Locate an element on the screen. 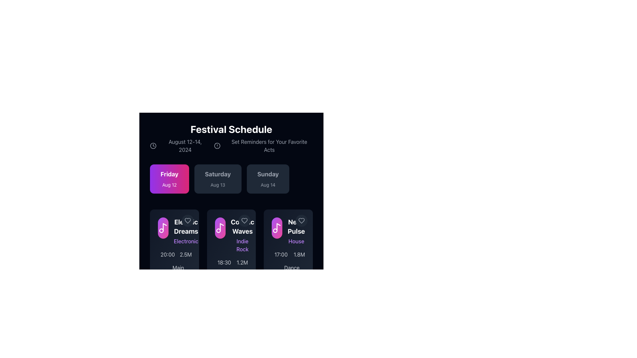  the heart-shaped icon located at the top-right corner inside the 'Electric Dreams' card under the 'Friday' tab to favorite the event is located at coordinates (187, 221).